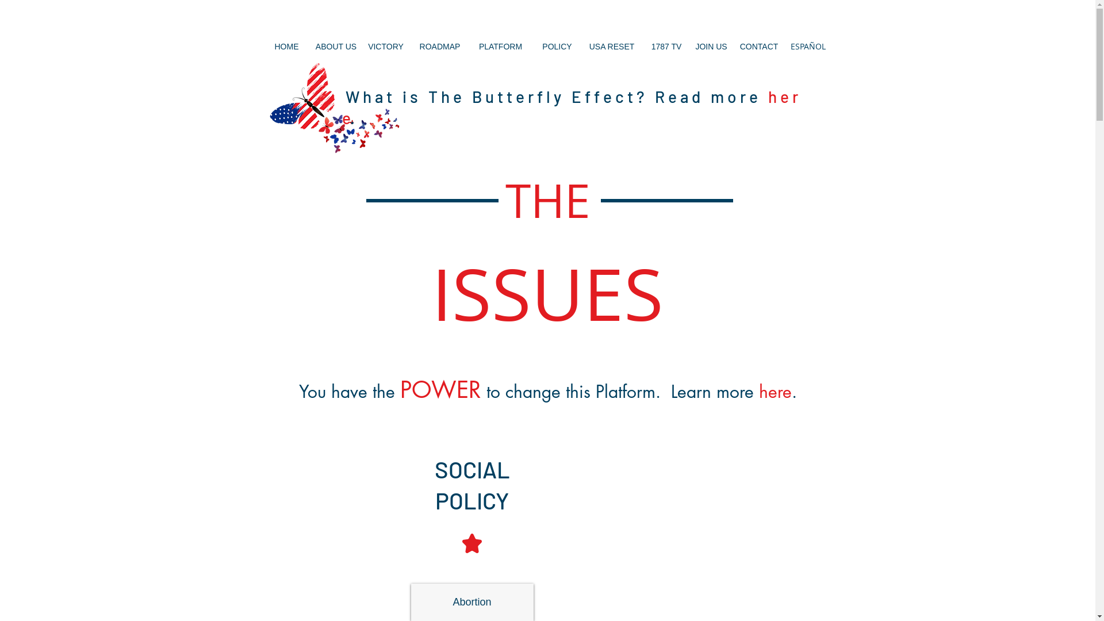  I want to click on '1787 TV', so click(666, 45).